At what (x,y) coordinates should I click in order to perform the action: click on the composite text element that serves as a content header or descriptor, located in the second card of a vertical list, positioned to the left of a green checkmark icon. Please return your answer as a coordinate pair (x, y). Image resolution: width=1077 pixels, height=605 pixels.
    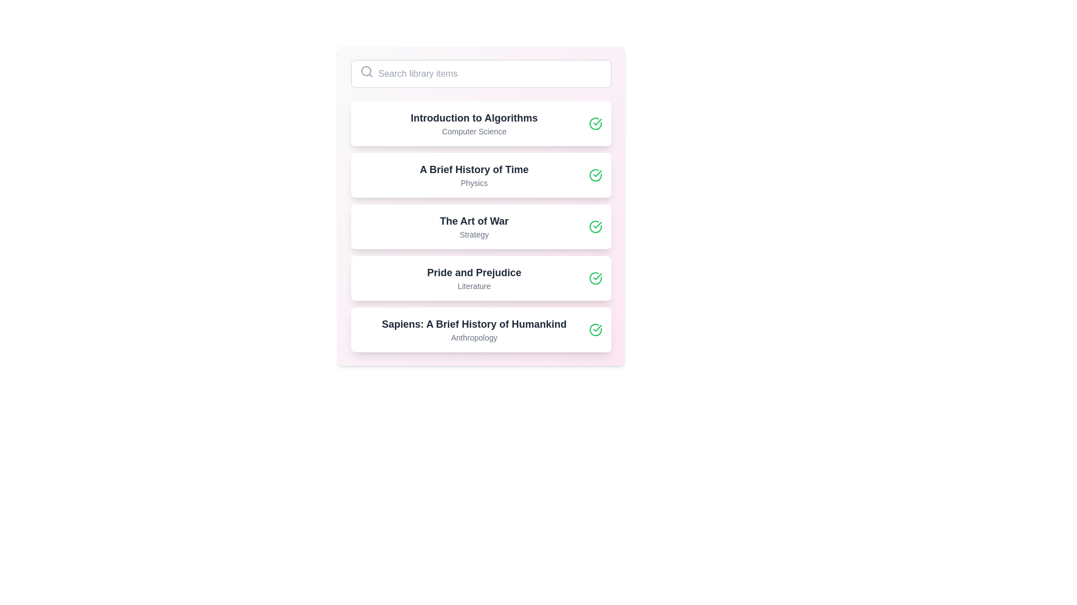
    Looking at the image, I should click on (474, 175).